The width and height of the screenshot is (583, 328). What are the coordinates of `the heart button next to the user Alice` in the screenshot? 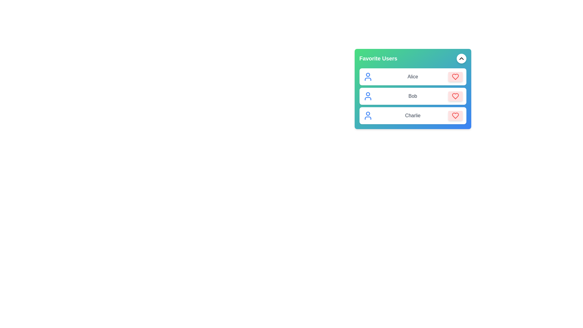 It's located at (455, 77).